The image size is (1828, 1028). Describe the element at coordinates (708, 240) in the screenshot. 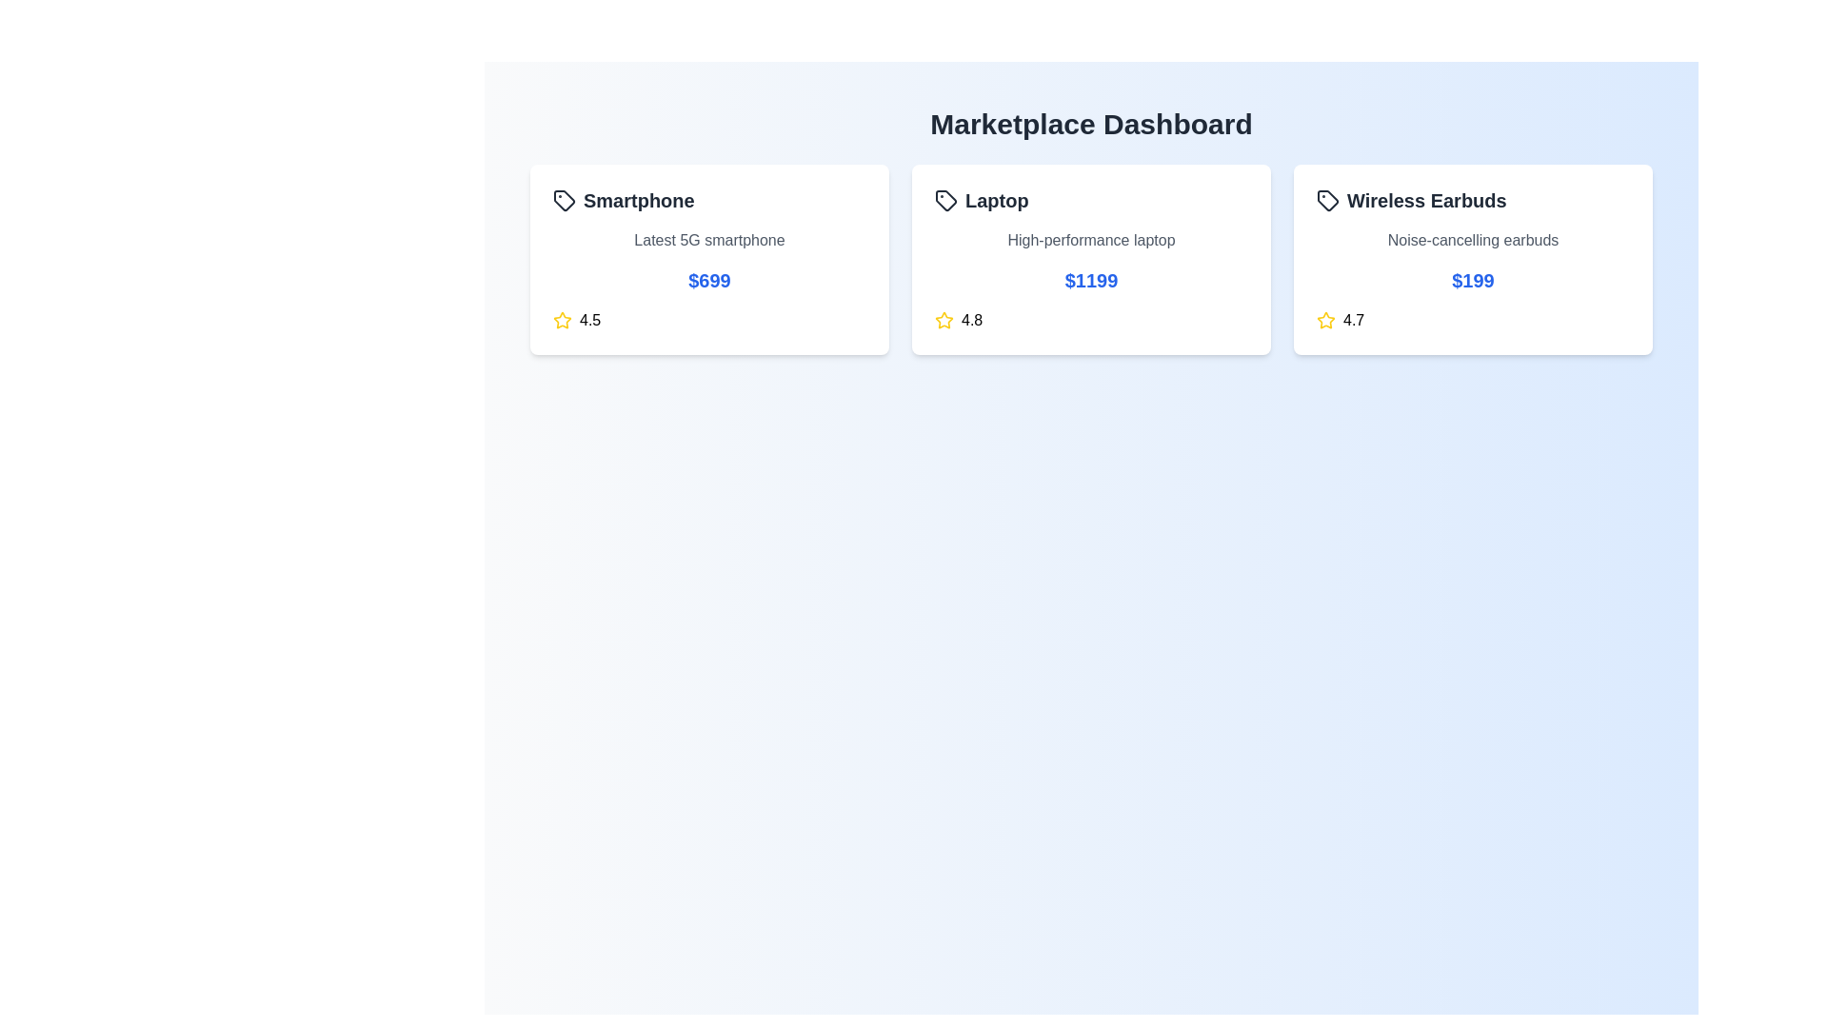

I see `text label displaying 'Latest 5G smartphone', which is a light gray, non-bold font positioned between the title 'Smartphone' and the price '$699'` at that location.